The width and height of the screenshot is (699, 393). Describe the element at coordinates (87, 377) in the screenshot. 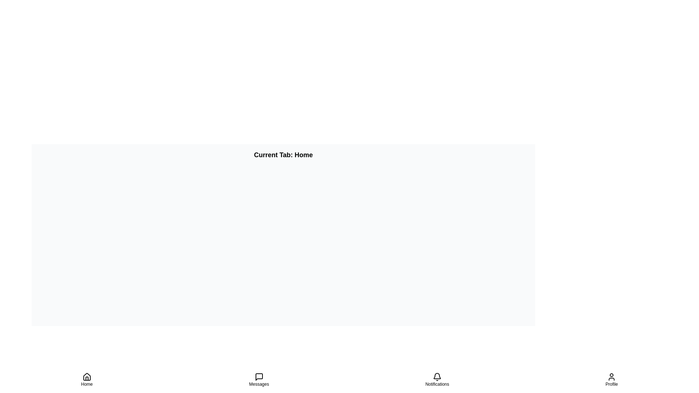

I see `the leftmost house icon labeled 'Home' in the bottom navigation bar for additional effects` at that location.